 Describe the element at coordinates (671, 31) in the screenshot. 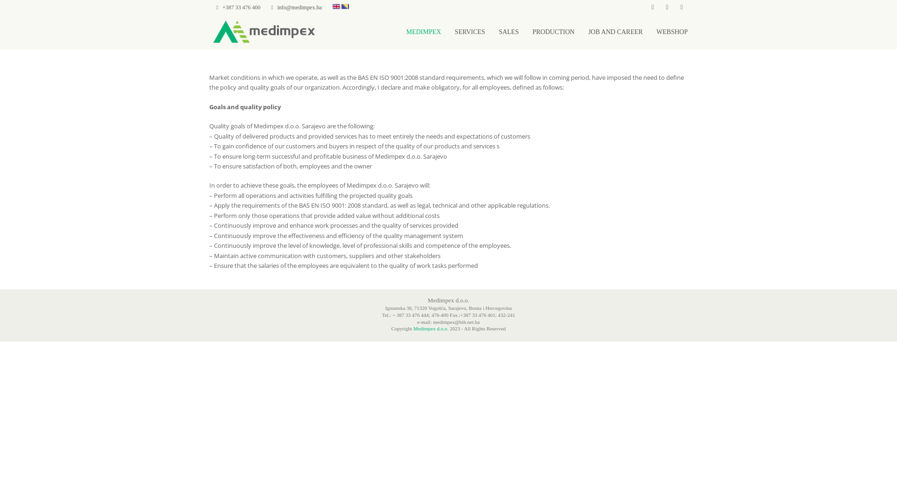

I see `'WEBSHOP'` at that location.